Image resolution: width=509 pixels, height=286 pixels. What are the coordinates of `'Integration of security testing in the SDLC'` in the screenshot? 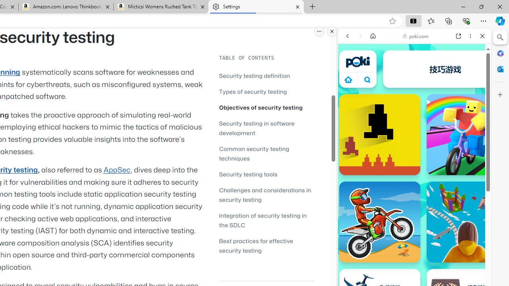 It's located at (266, 220).